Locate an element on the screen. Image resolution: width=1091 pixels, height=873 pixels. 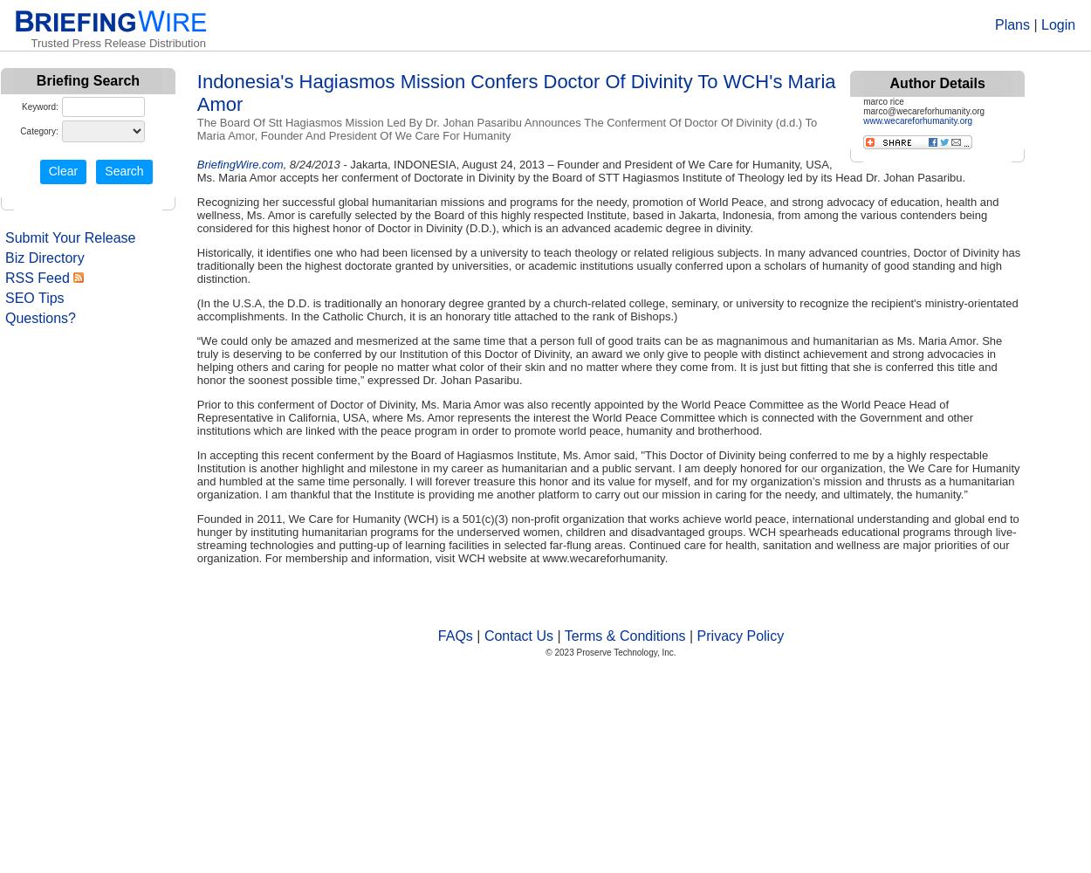
'www.wecareforhumanity.org' is located at coordinates (917, 120).